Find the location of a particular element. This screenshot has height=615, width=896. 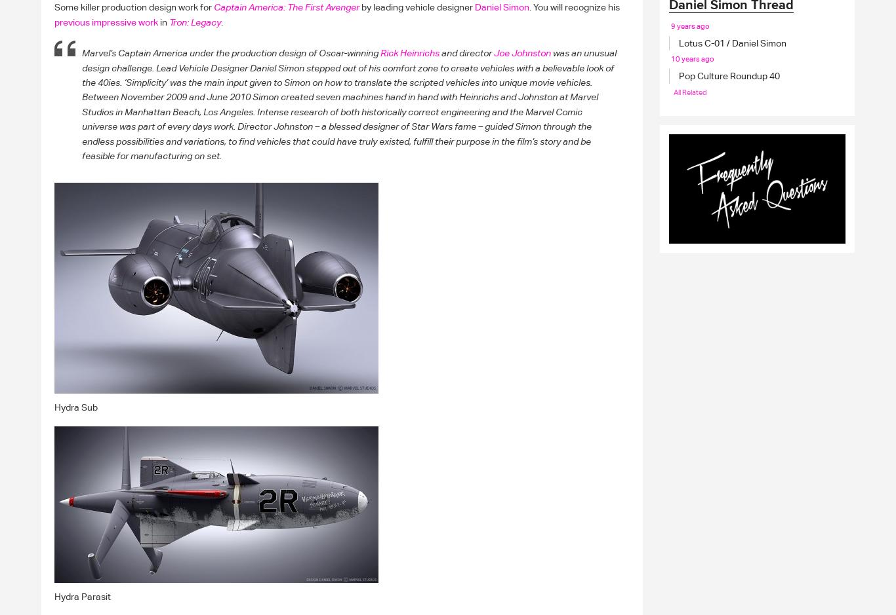

'You will recognize his' is located at coordinates (575, 7).